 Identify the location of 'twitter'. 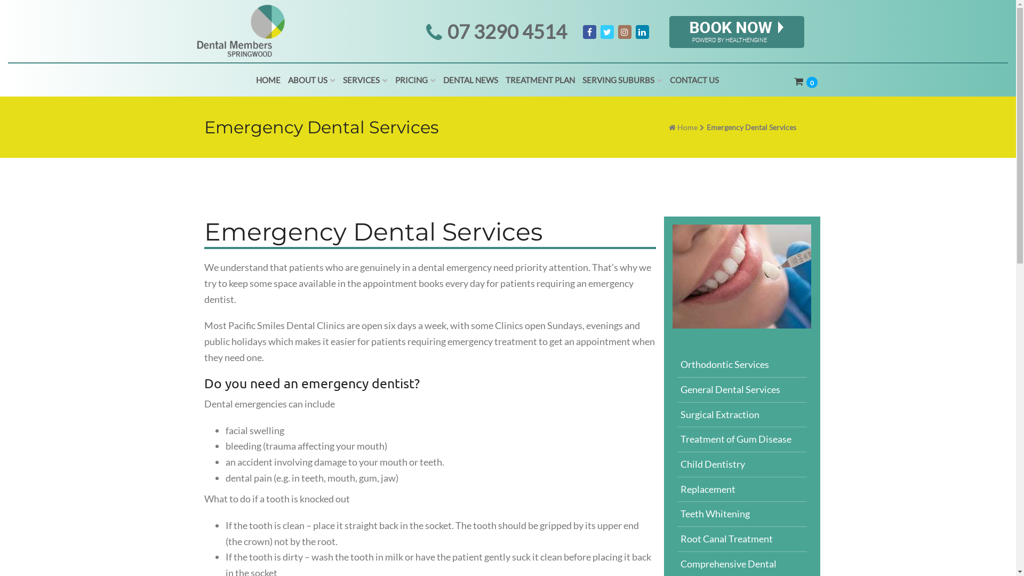
(607, 31).